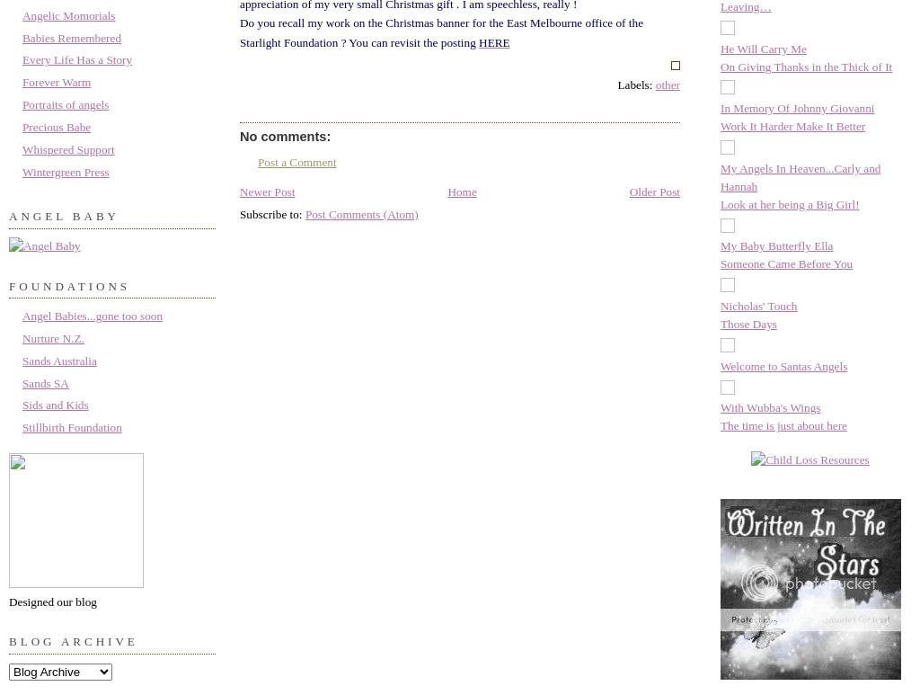 This screenshot has height=695, width=920. I want to click on 'Whispered Support', so click(66, 148).